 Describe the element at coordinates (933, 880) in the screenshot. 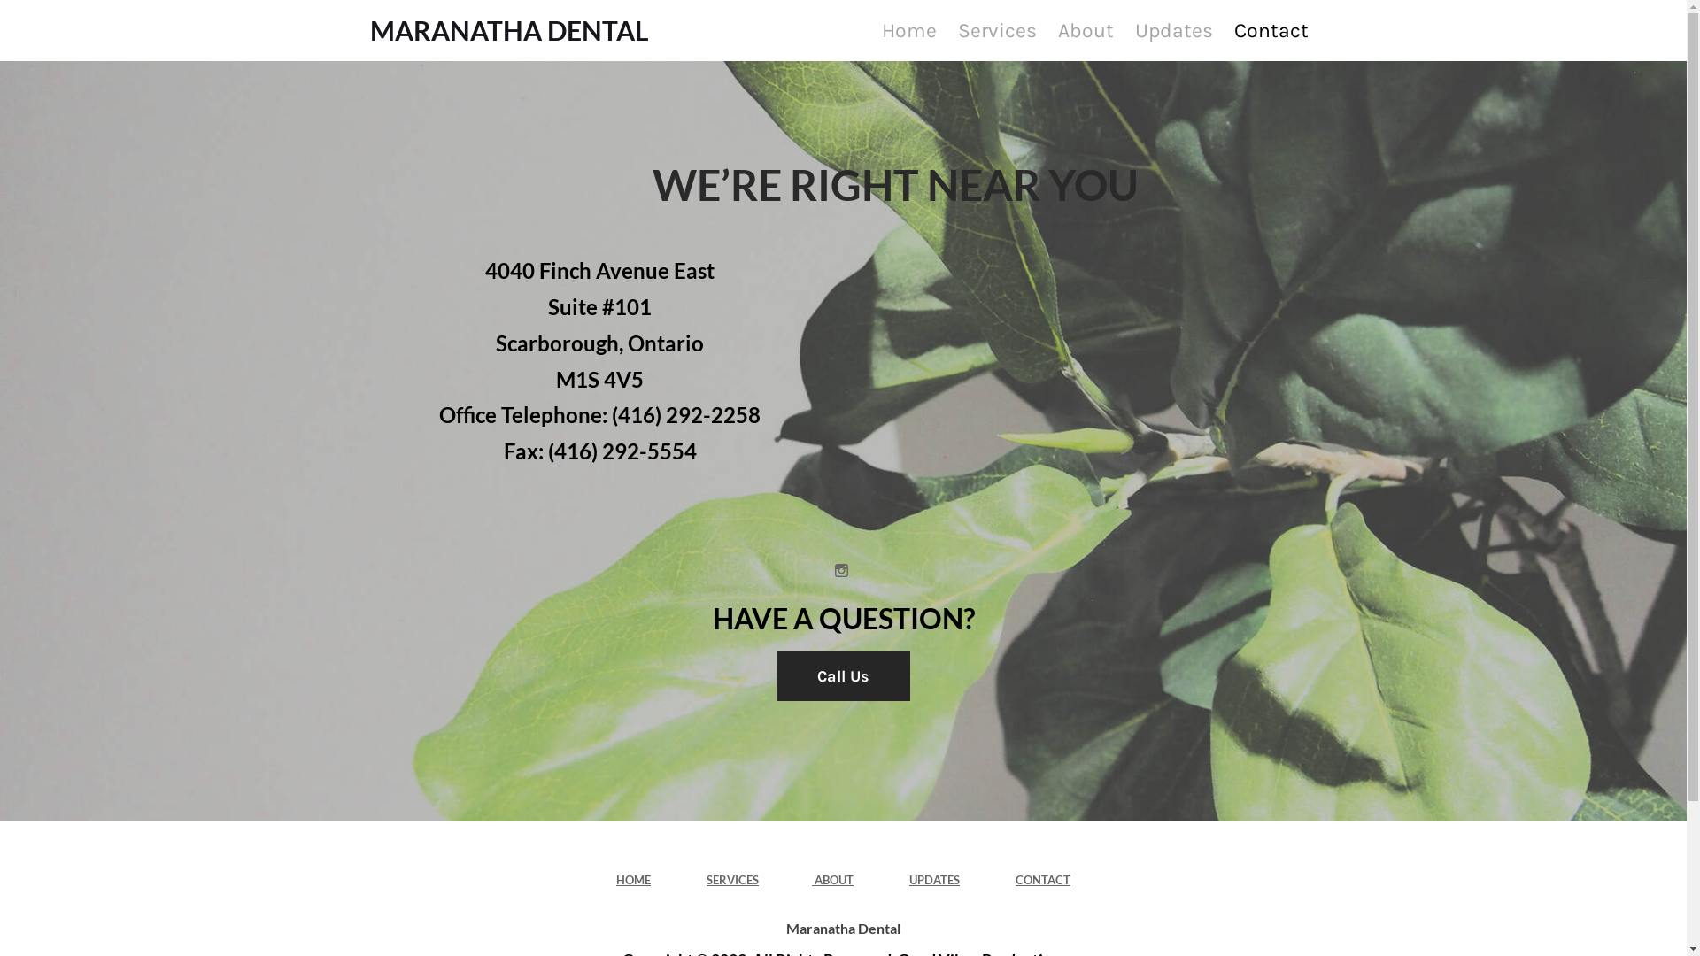

I see `'UPDATES'` at that location.